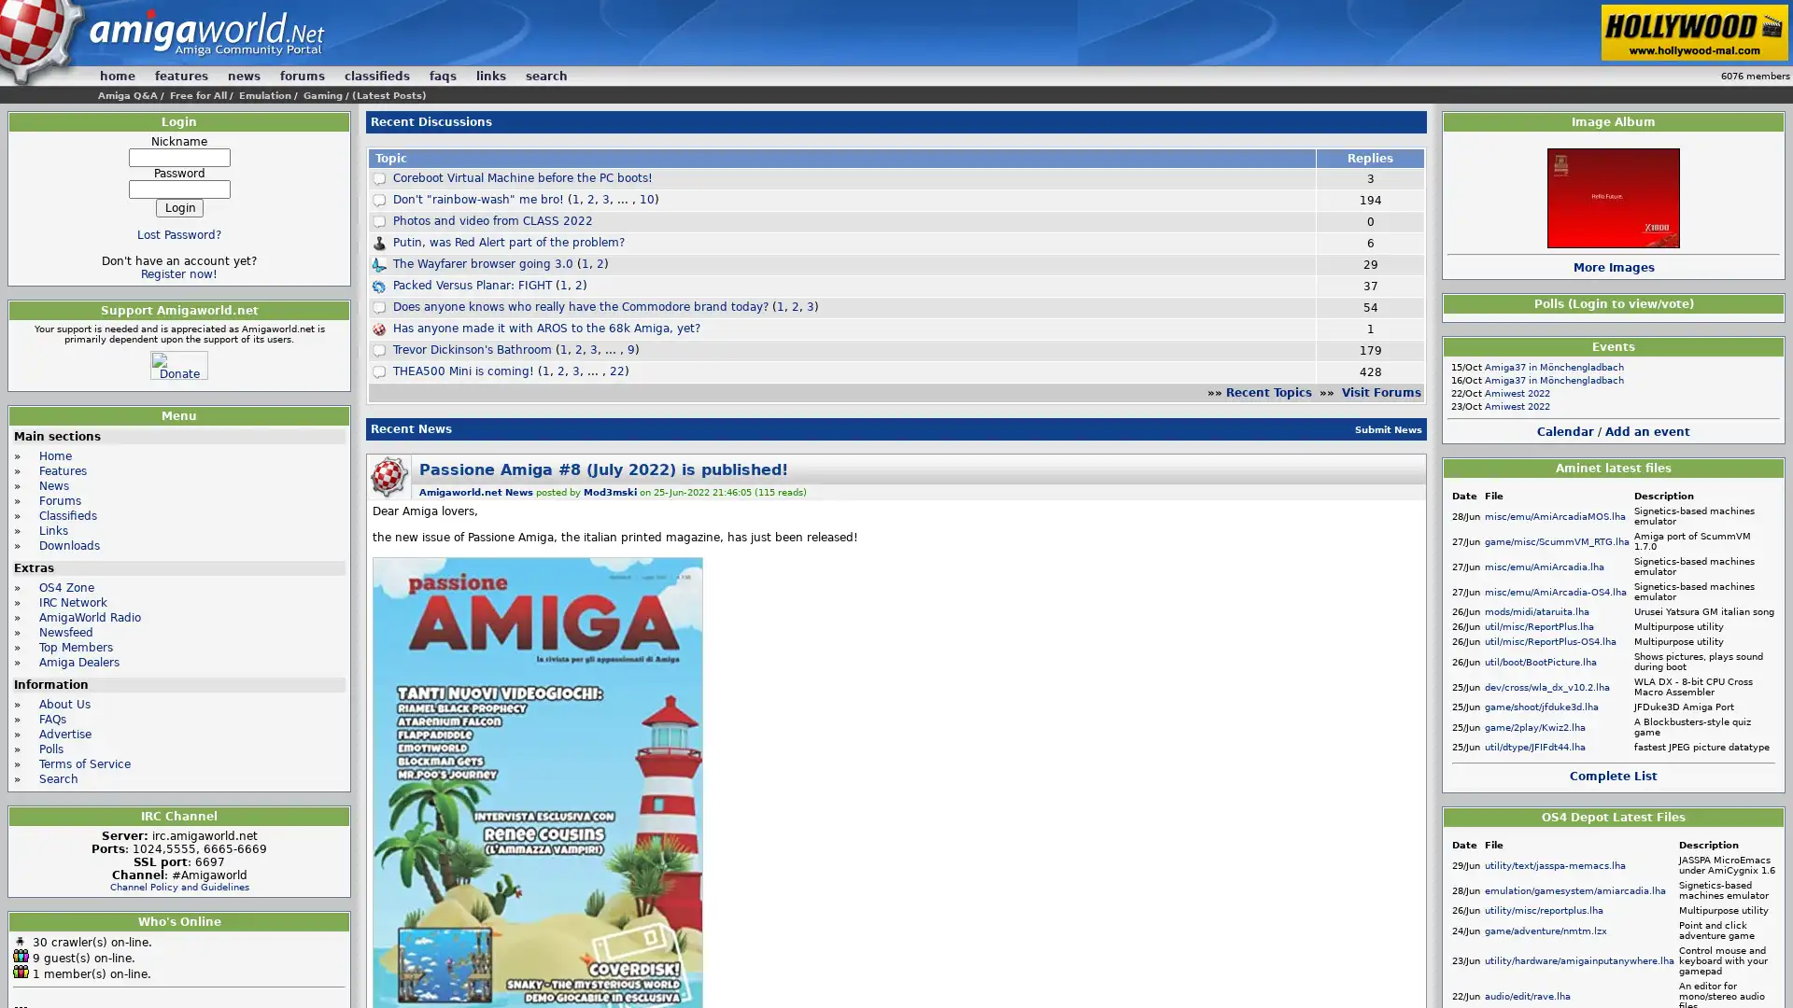  What do you see at coordinates (178, 208) in the screenshot?
I see `Login` at bounding box center [178, 208].